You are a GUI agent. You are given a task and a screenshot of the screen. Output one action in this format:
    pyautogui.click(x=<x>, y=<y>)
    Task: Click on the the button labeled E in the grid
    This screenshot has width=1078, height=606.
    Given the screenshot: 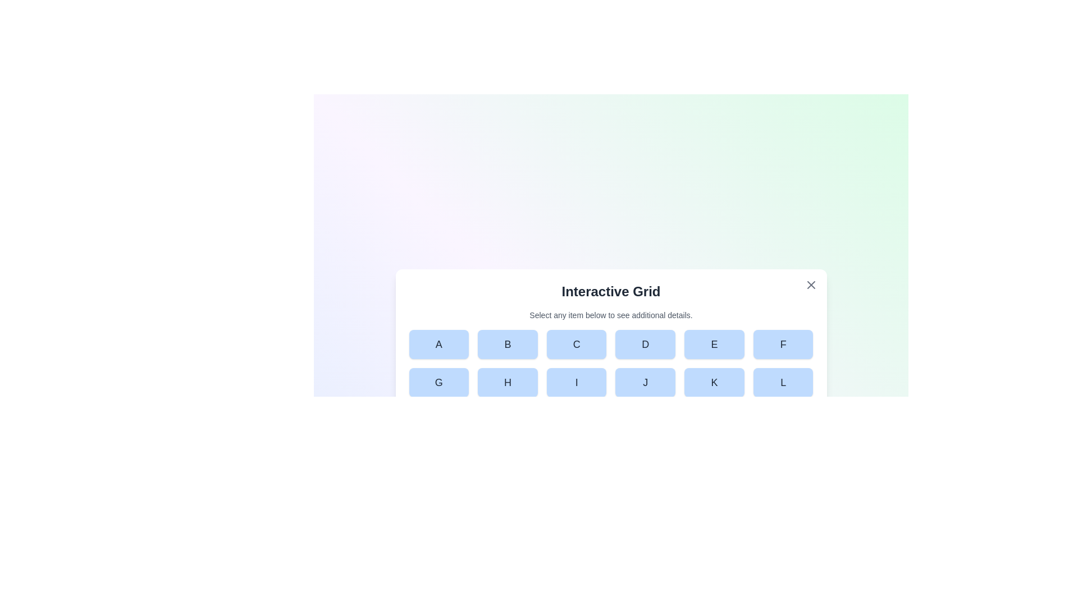 What is the action you would take?
    pyautogui.click(x=714, y=343)
    